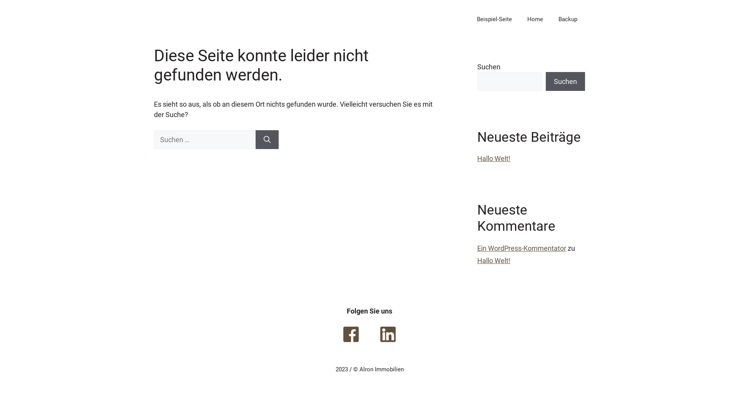 This screenshot has height=416, width=739. What do you see at coordinates (535, 19) in the screenshot?
I see `'Home'` at bounding box center [535, 19].